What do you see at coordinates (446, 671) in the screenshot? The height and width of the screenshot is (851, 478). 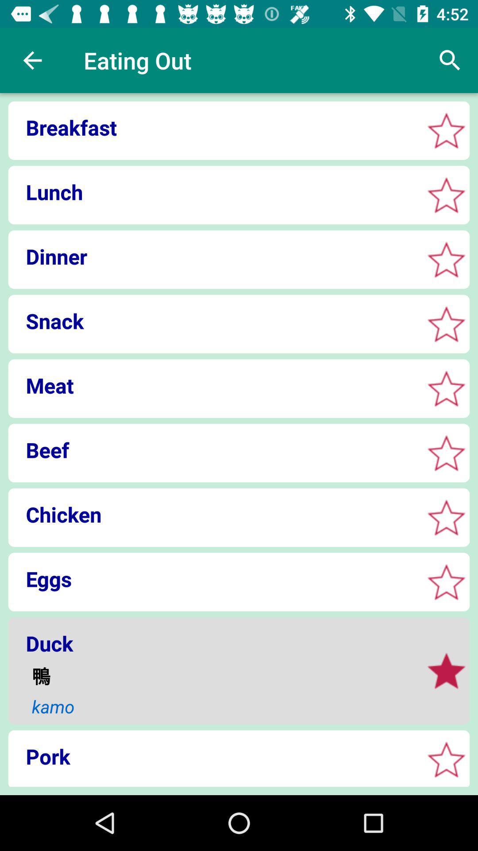 I see `favourite option` at bounding box center [446, 671].